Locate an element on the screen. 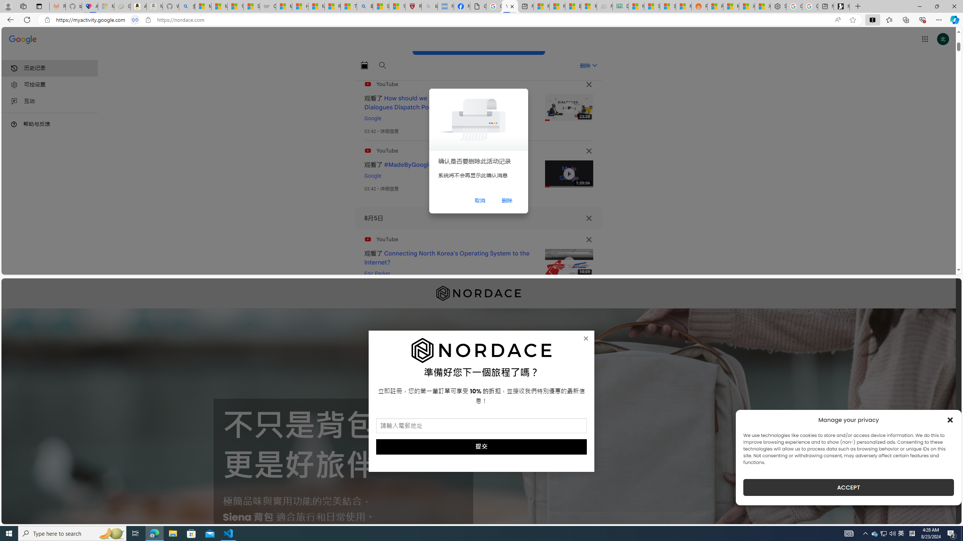  'Eric Parker' is located at coordinates (377, 273).